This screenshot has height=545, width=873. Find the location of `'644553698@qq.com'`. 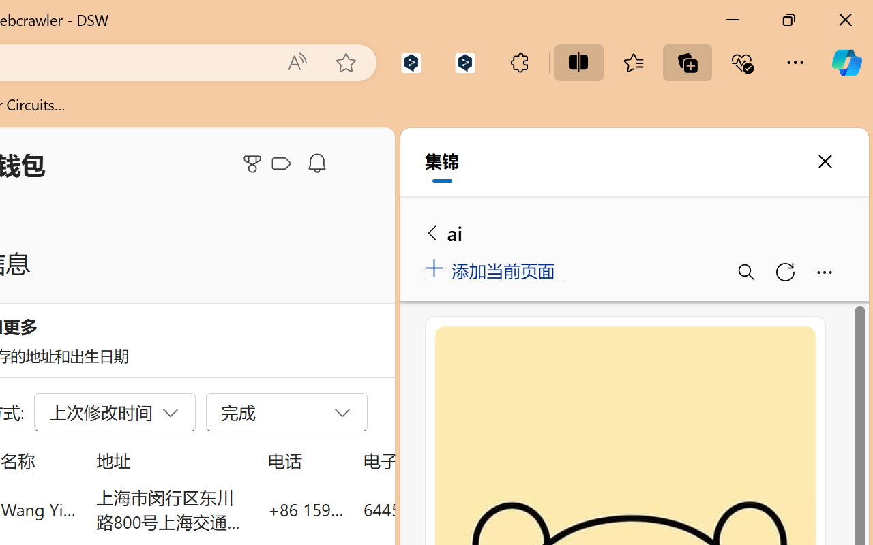

'644553698@qq.com' is located at coordinates (439, 509).